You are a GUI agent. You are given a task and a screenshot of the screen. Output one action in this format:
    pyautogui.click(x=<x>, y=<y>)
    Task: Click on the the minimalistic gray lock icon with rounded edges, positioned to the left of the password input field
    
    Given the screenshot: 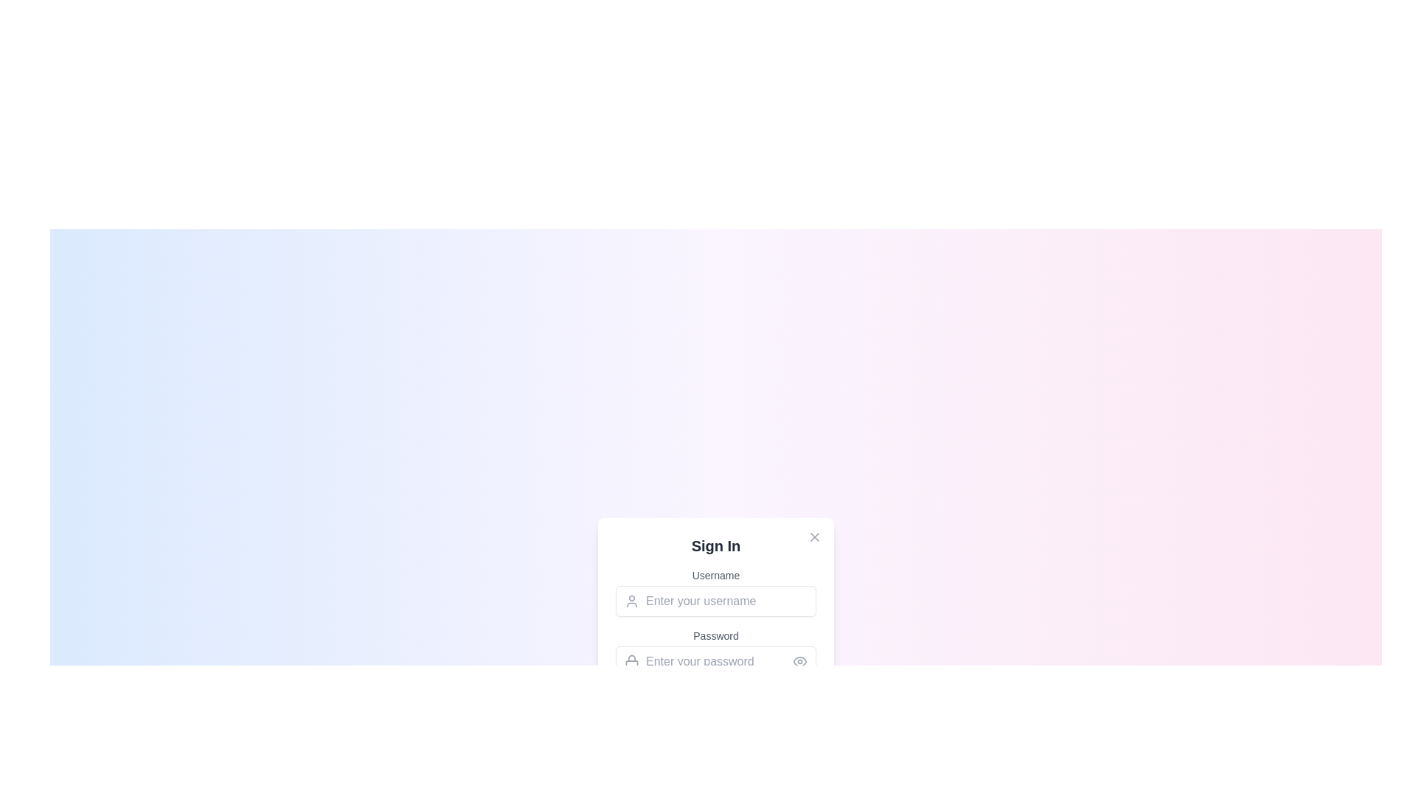 What is the action you would take?
    pyautogui.click(x=632, y=661)
    